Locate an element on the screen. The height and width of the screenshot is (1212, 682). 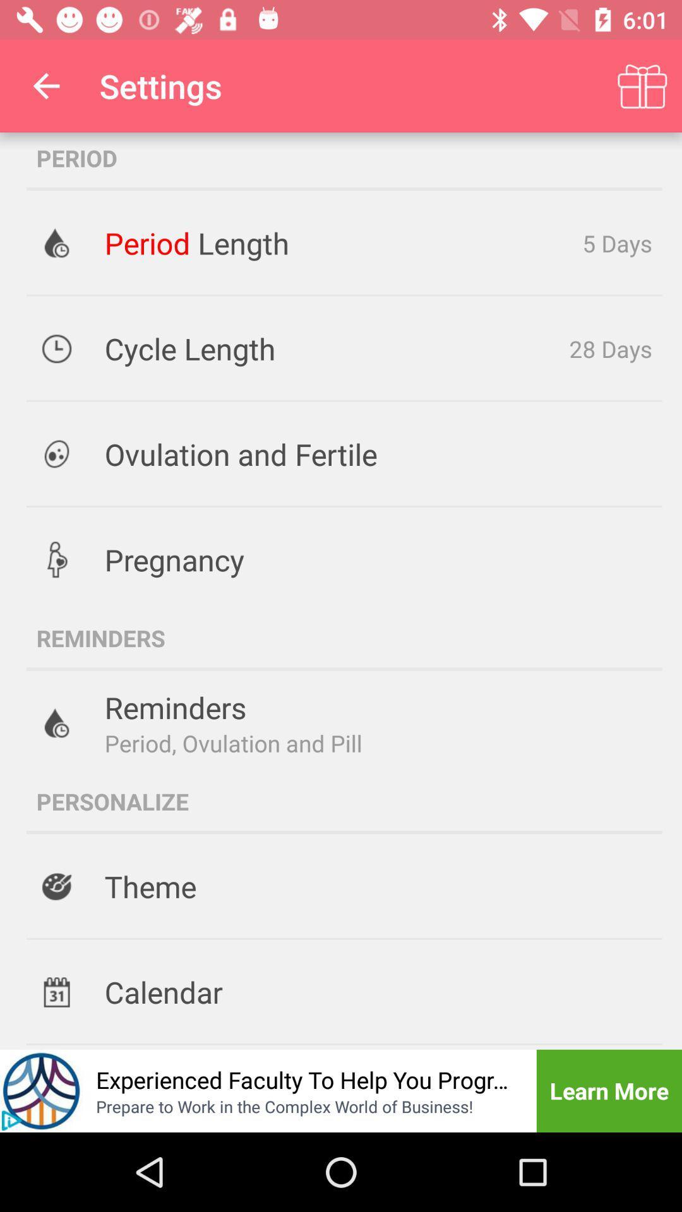
the play icon is located at coordinates (11, 1120).